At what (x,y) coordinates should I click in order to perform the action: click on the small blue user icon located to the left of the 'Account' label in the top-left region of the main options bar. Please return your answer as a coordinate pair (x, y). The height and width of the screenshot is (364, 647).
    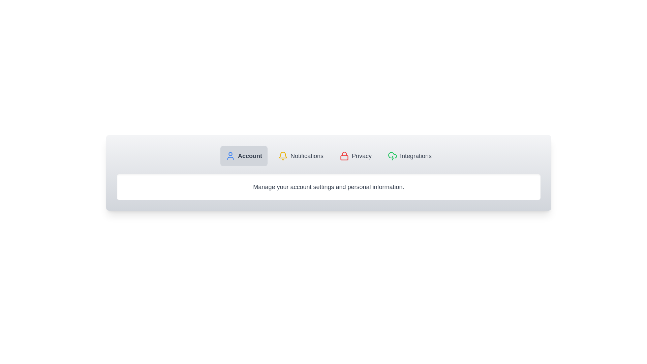
    Looking at the image, I should click on (230, 156).